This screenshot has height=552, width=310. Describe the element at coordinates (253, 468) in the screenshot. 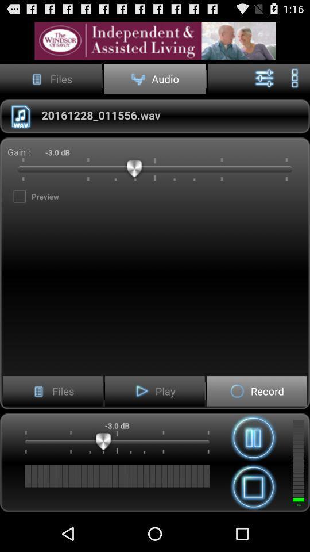

I see `the pause icon` at that location.